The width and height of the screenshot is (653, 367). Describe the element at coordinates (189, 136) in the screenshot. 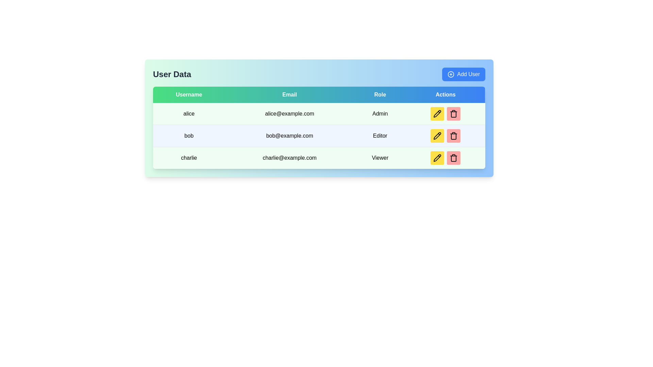

I see `the username text label located in the second row of the table under the 'Username' column` at that location.